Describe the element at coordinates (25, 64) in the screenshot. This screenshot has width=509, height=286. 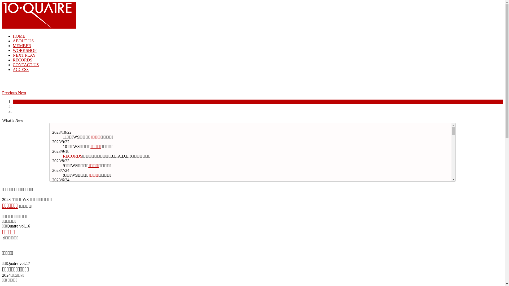
I see `'CONTACT US'` at that location.